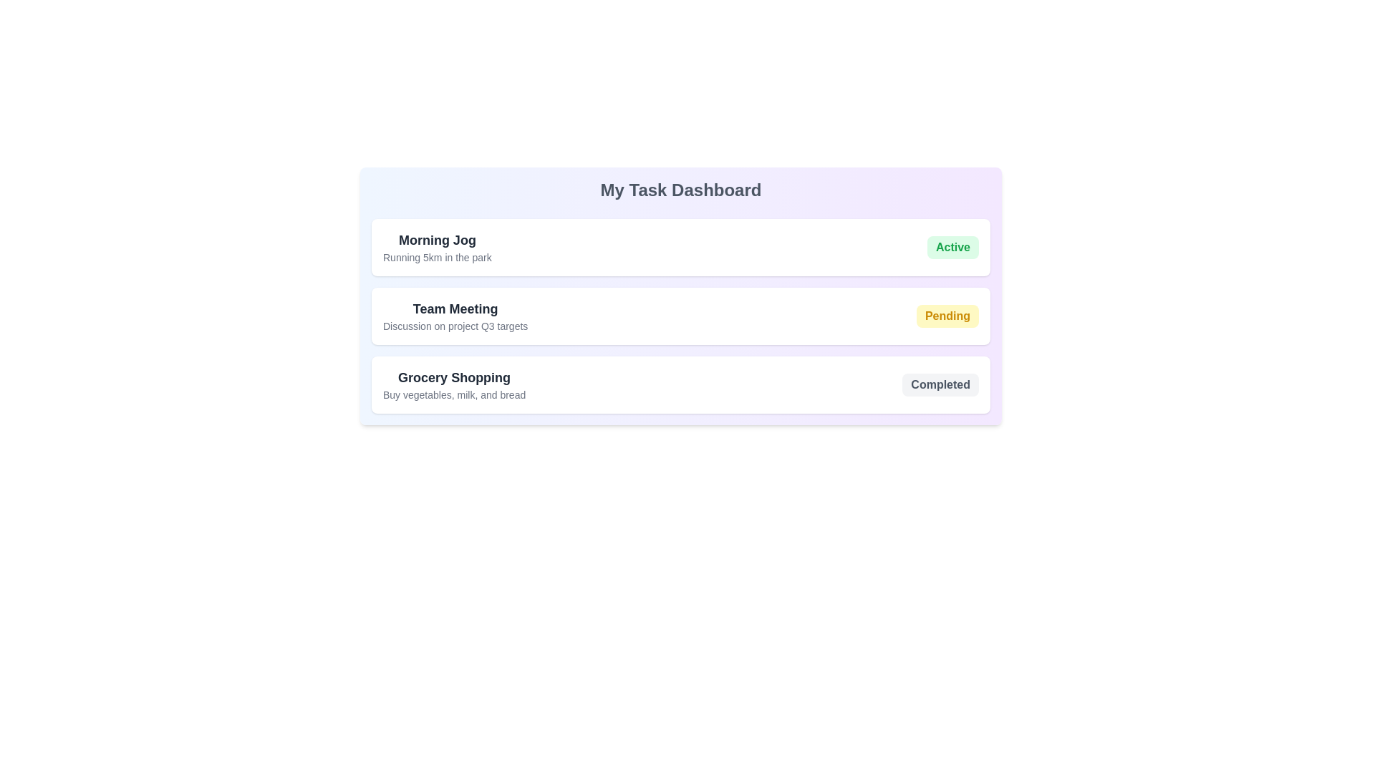 The image size is (1375, 773). Describe the element at coordinates (940, 384) in the screenshot. I see `the status indicator of the task labeled Grocery Shopping` at that location.